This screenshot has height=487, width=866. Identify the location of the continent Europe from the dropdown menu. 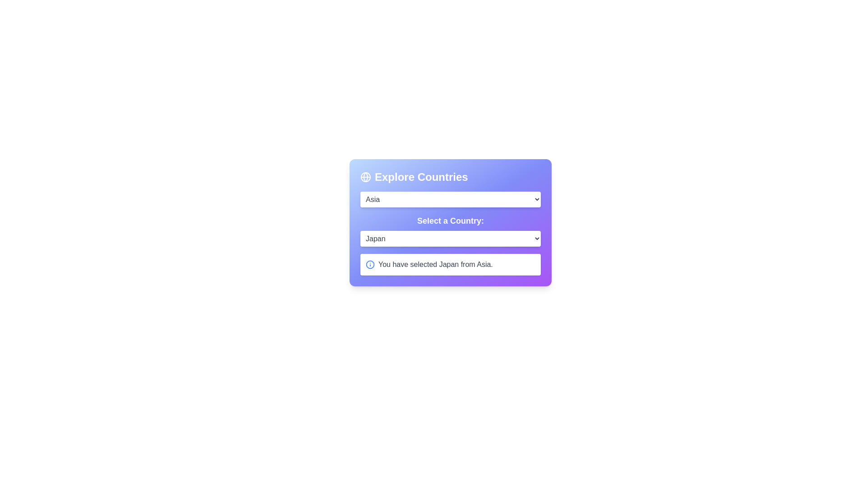
(450, 199).